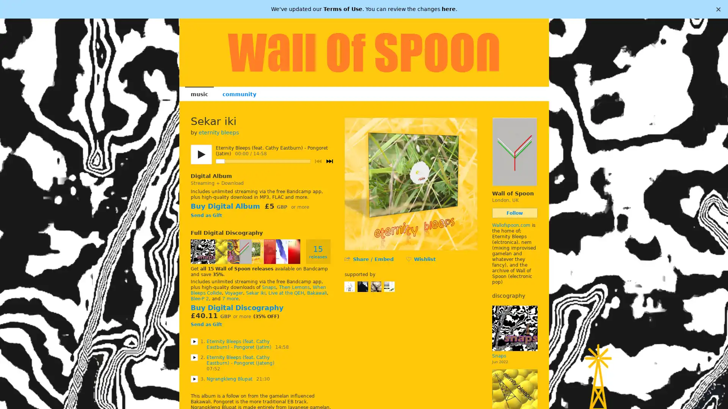  What do you see at coordinates (194, 378) in the screenshot?
I see `Play Ngrangkleng Blupat` at bounding box center [194, 378].